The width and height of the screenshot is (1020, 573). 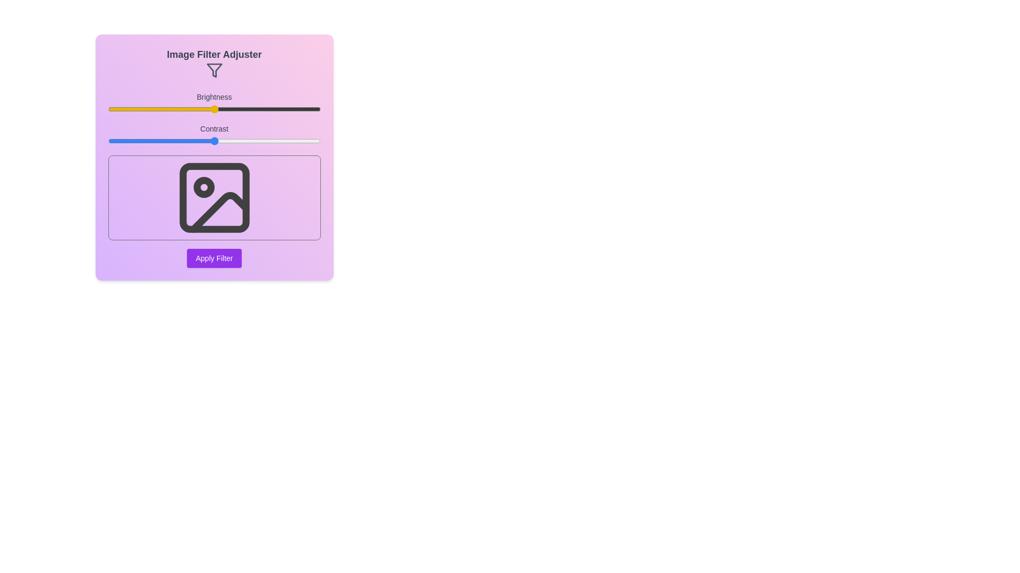 What do you see at coordinates (305, 141) in the screenshot?
I see `the contrast slider to 93%` at bounding box center [305, 141].